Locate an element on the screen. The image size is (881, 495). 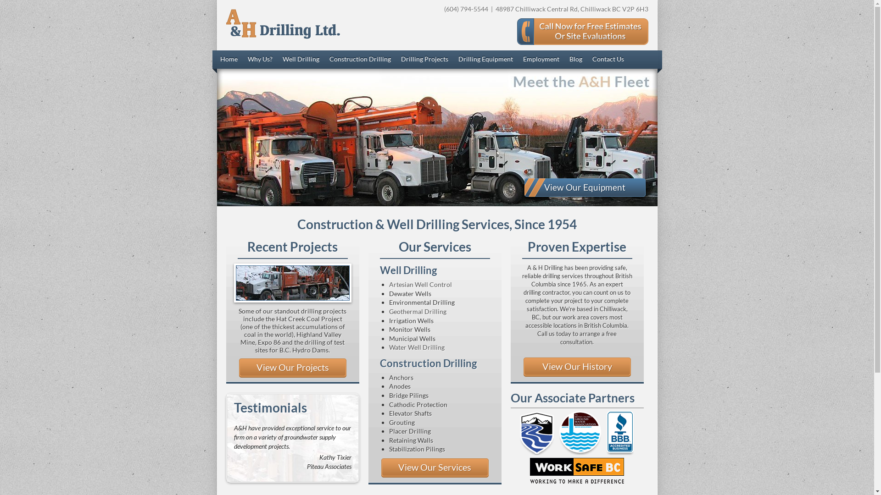
'Blog' is located at coordinates (574, 60).